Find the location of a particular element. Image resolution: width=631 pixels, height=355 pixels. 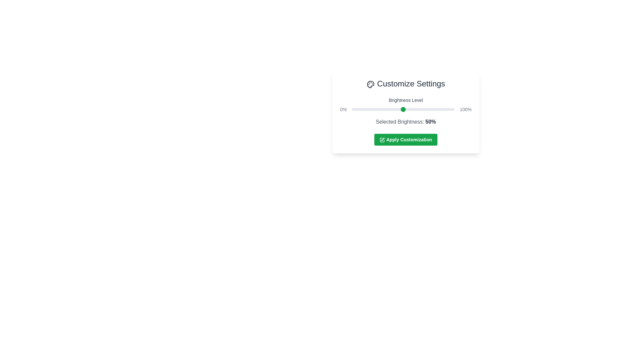

the button to apply the selected customization settings for brightness adjustments located beneath the 'Selected Brightness: 50%' text is located at coordinates (405, 139).